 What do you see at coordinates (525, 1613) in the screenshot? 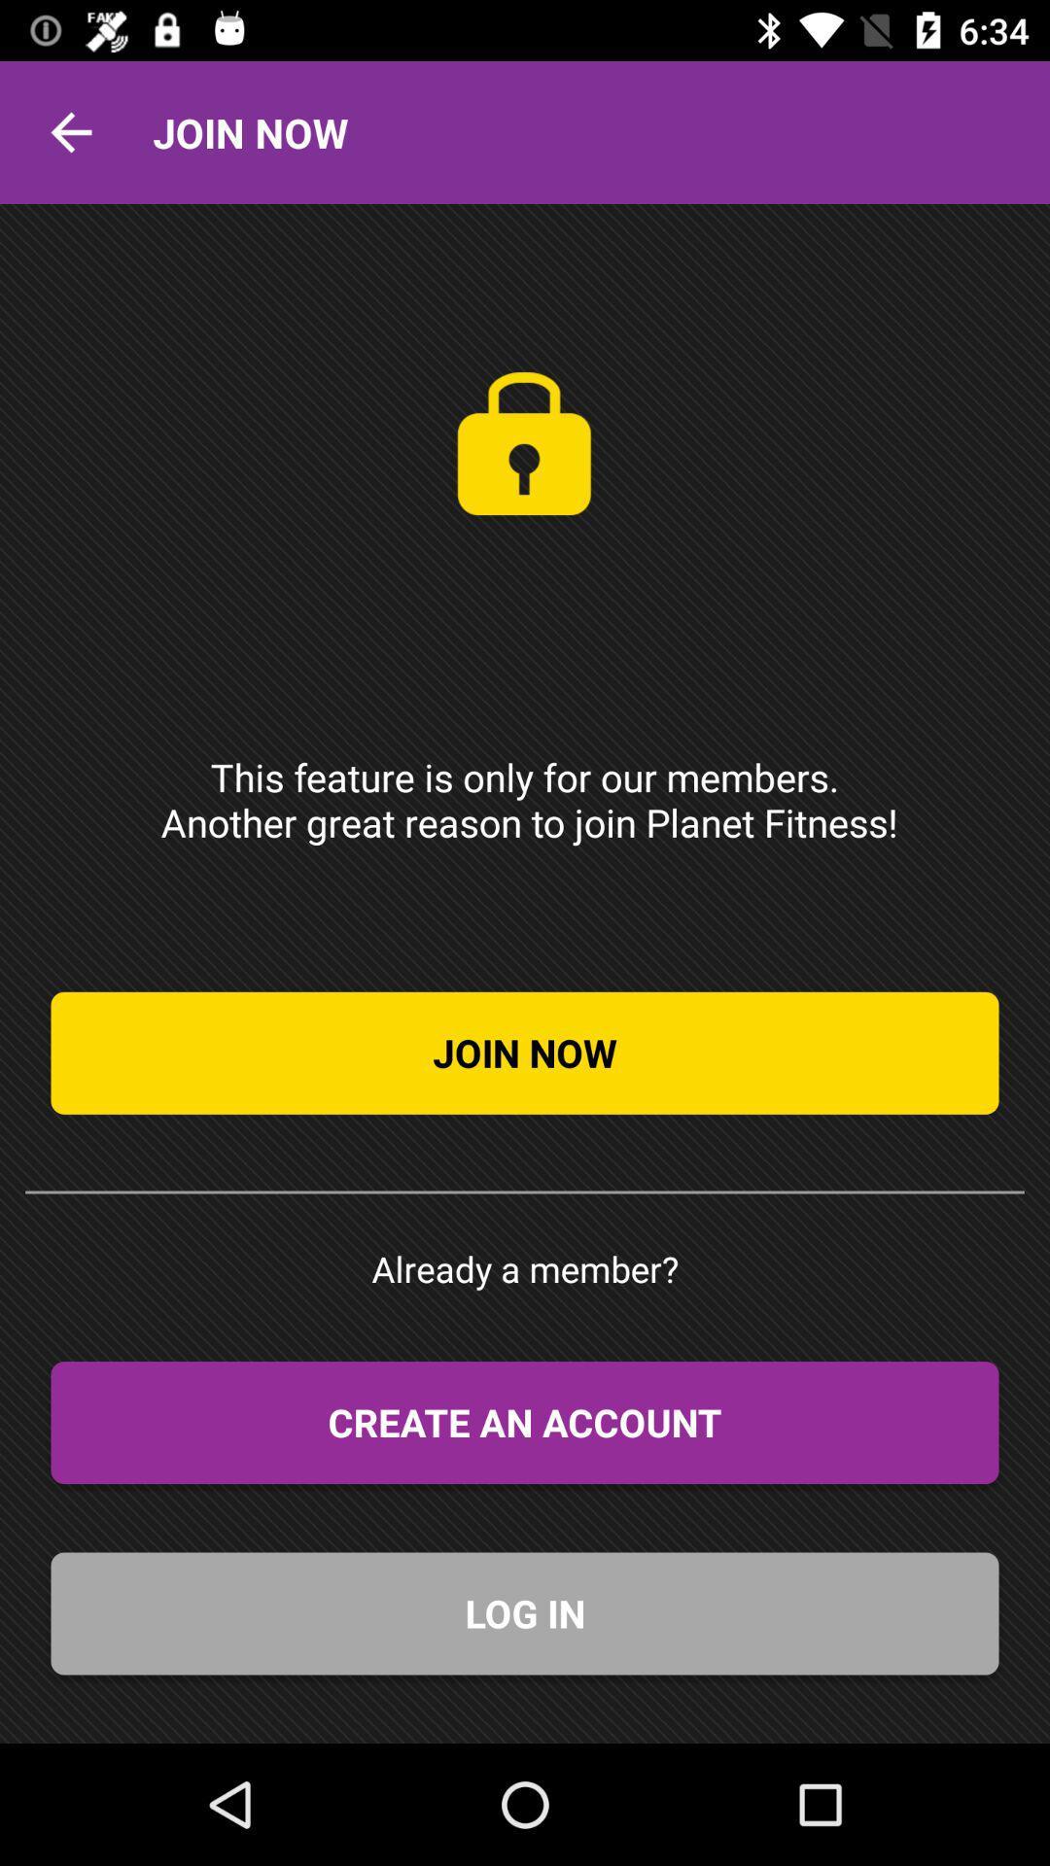
I see `the log in` at bounding box center [525, 1613].